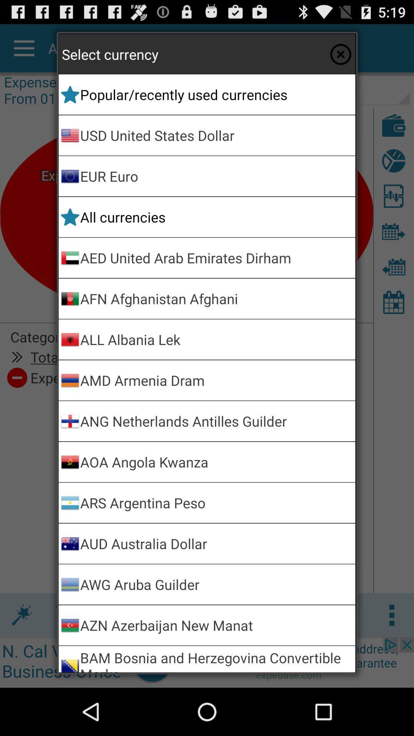 The width and height of the screenshot is (414, 736). What do you see at coordinates (216, 217) in the screenshot?
I see `icon above the aed united arab icon` at bounding box center [216, 217].